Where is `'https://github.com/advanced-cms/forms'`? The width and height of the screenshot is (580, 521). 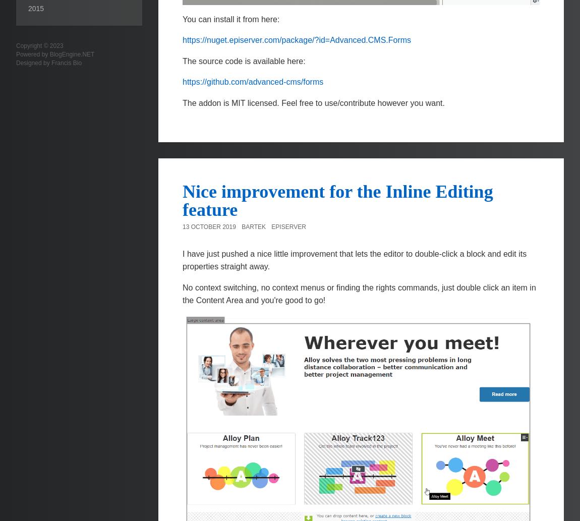 'https://github.com/advanced-cms/forms' is located at coordinates (253, 82).